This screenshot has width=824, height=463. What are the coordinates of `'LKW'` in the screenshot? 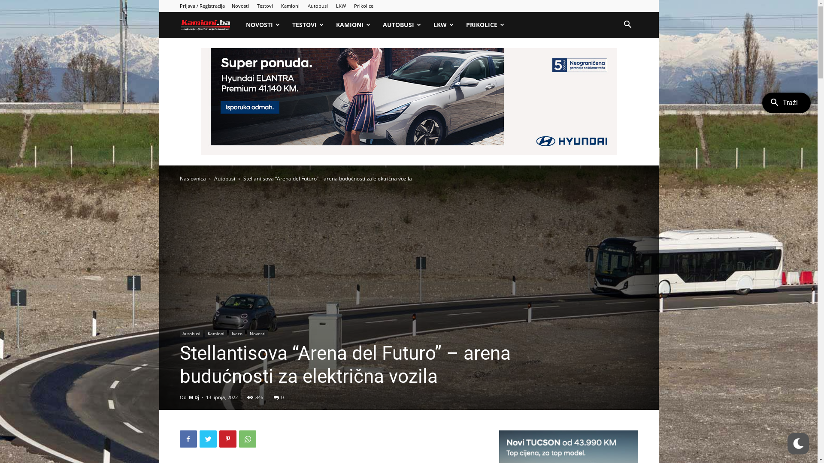 It's located at (427, 24).